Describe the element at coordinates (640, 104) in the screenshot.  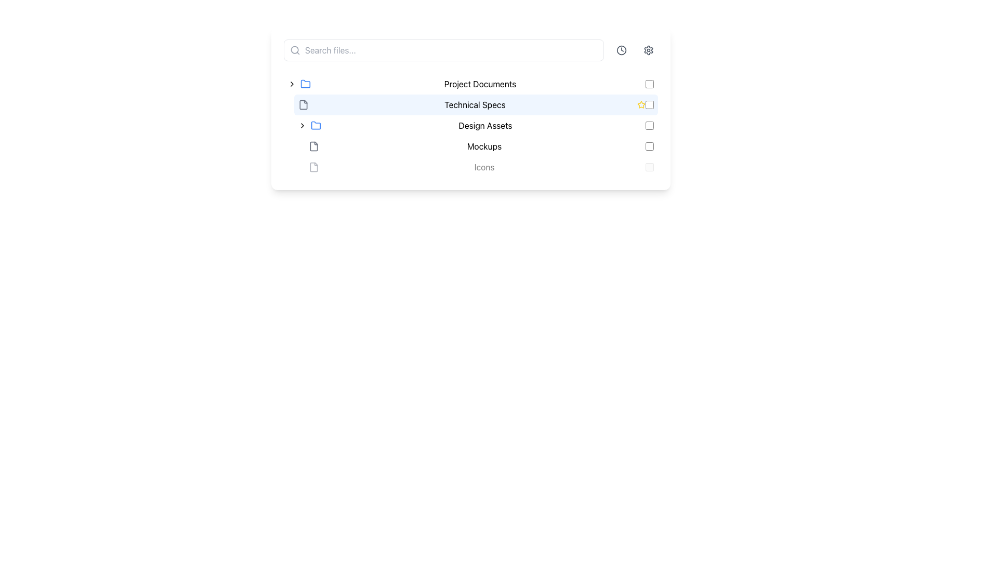
I see `the star-shaped icon associated with the 'Technical Specs' entry` at that location.